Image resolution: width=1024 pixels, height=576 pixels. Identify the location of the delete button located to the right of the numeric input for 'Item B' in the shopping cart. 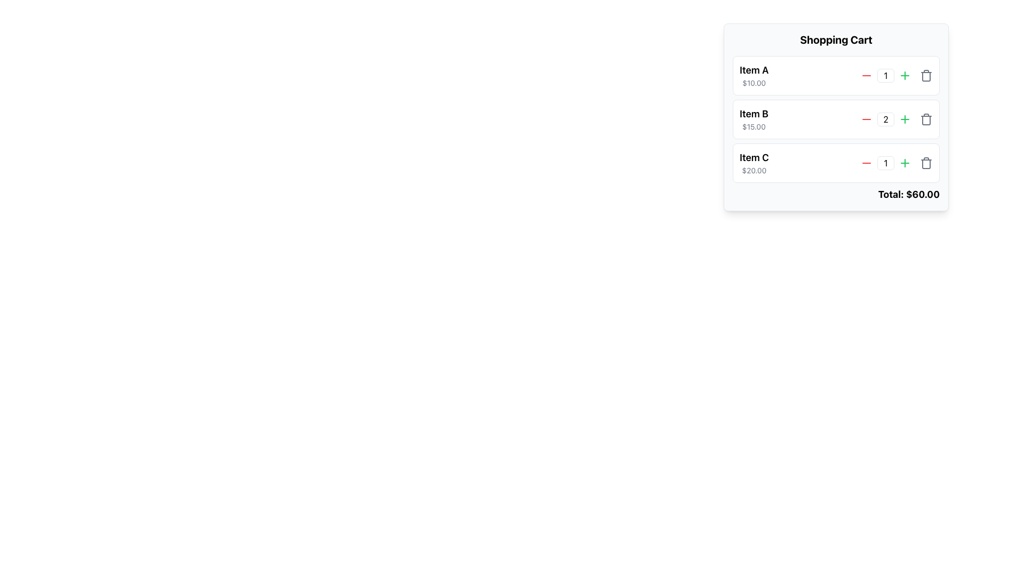
(926, 119).